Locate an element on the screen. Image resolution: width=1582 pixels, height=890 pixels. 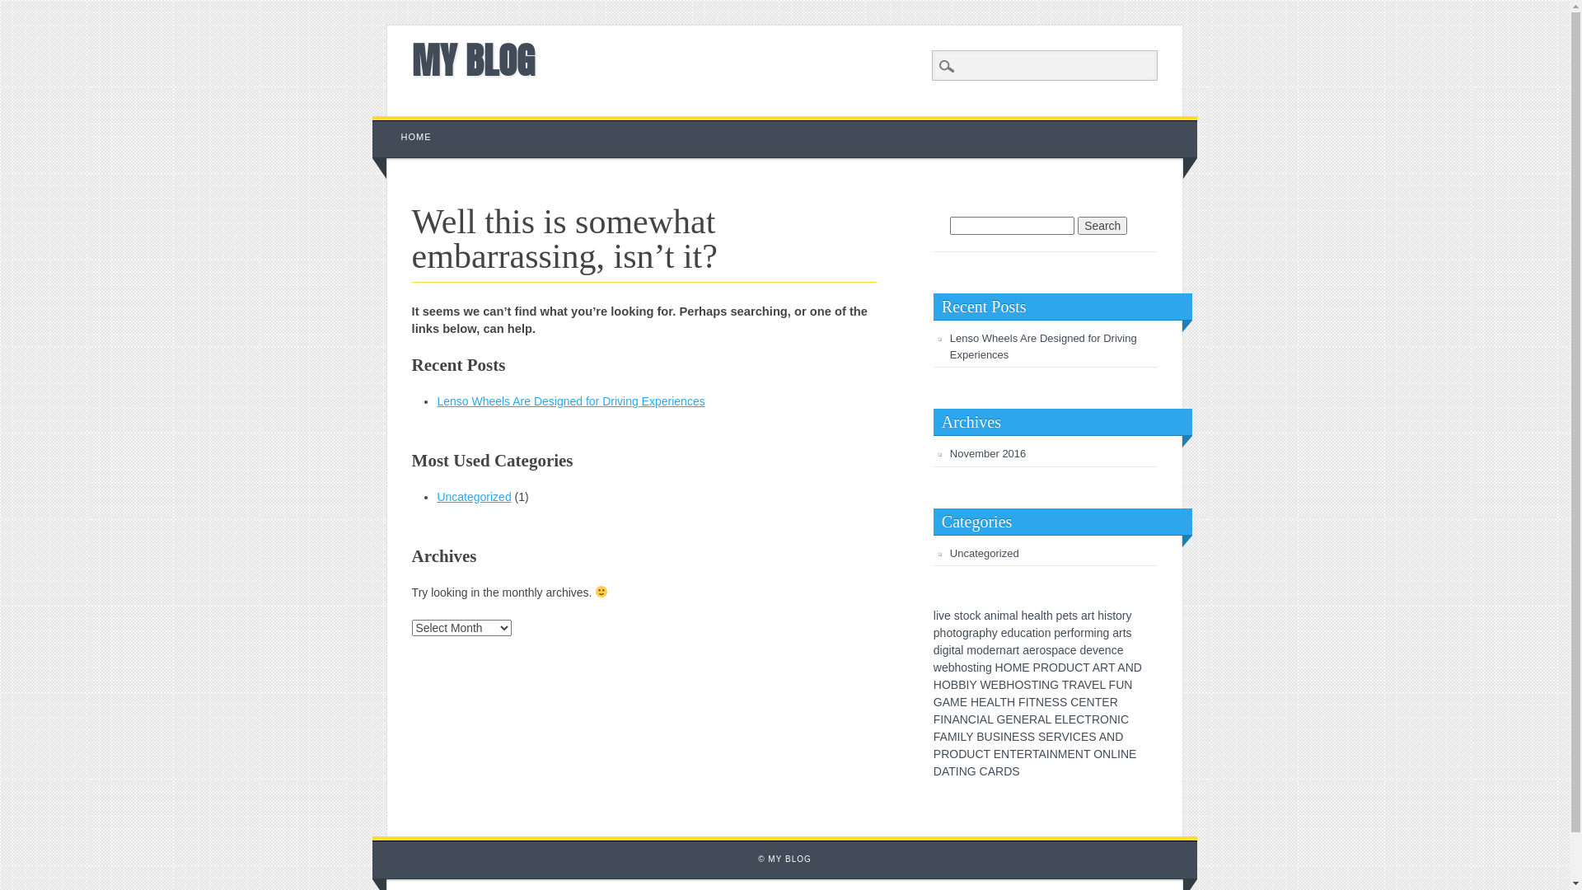
'T' is located at coordinates (1111, 667).